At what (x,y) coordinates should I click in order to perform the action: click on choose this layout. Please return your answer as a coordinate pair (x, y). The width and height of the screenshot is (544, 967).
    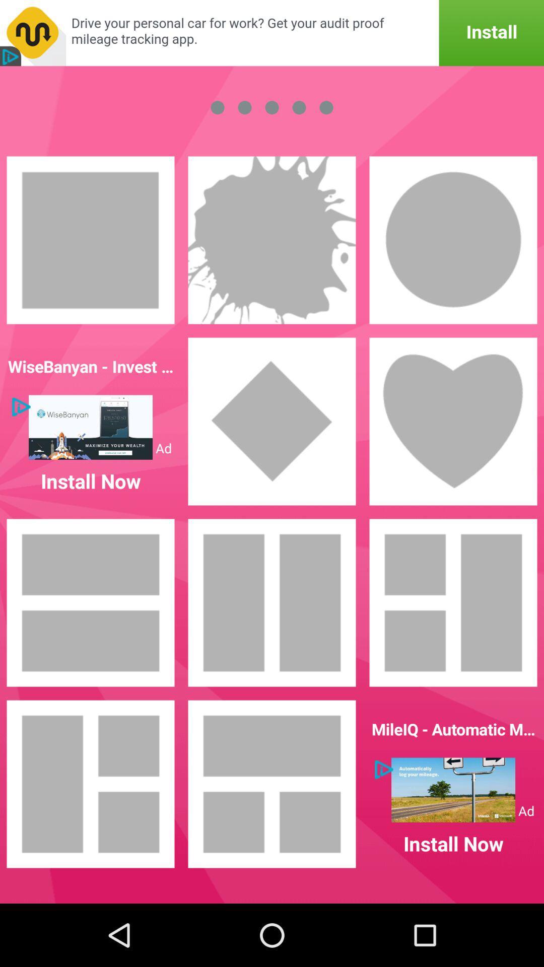
    Looking at the image, I should click on (452, 602).